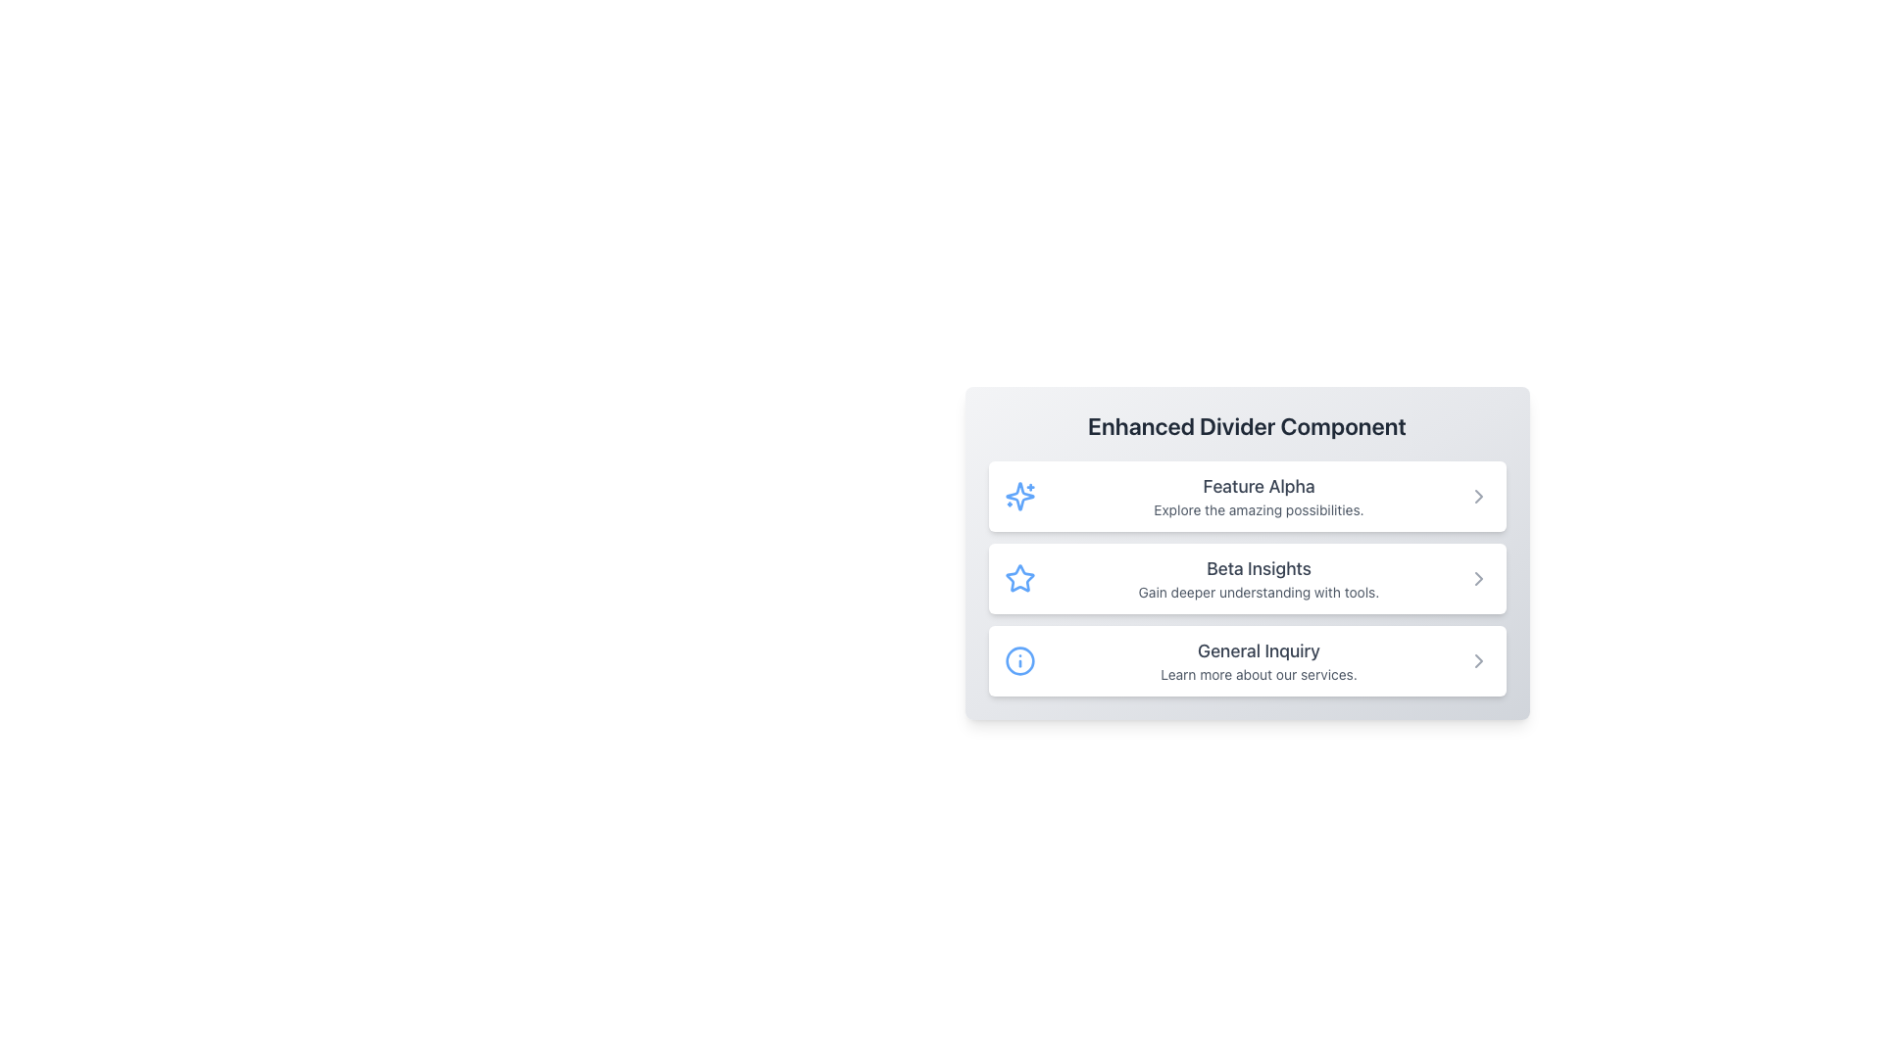 The image size is (1882, 1058). What do you see at coordinates (1259, 661) in the screenshot?
I see `and understand the text label located in the third card of the vertical list, which provides a brief description associated with general inquiry functionality` at bounding box center [1259, 661].